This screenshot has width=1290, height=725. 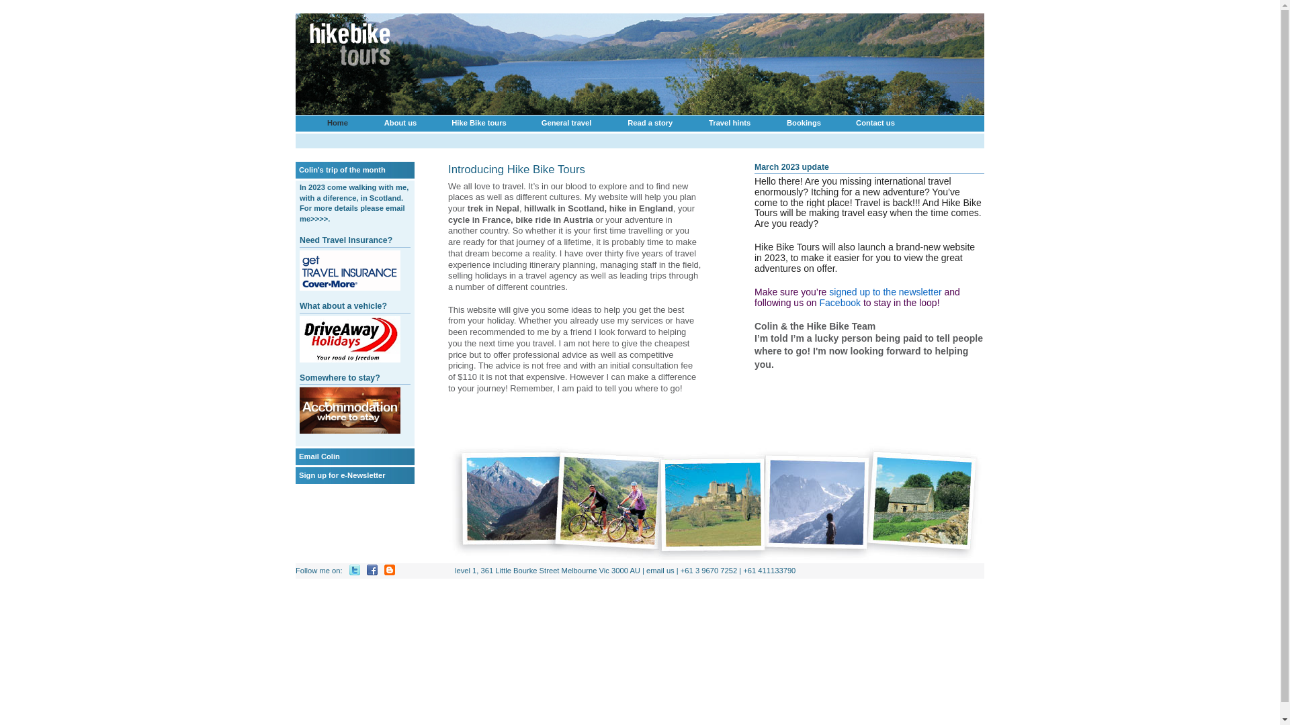 I want to click on 'signed up to the newsletter', so click(x=885, y=291).